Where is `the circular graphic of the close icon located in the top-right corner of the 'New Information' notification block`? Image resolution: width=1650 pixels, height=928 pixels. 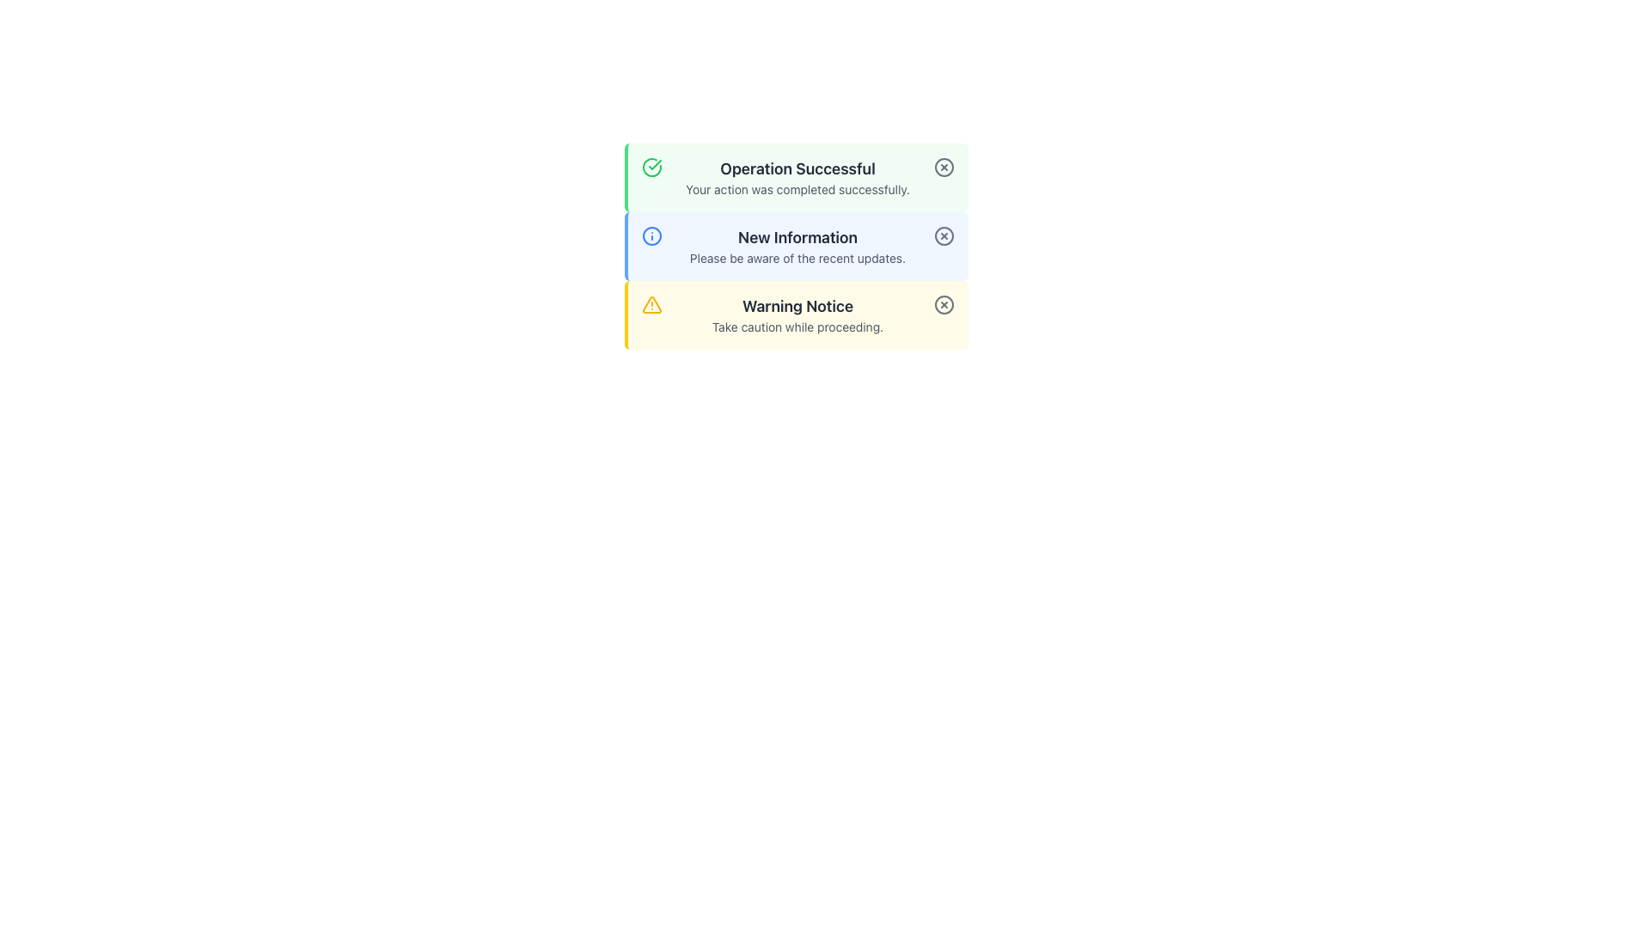
the circular graphic of the close icon located in the top-right corner of the 'New Information' notification block is located at coordinates (943, 235).